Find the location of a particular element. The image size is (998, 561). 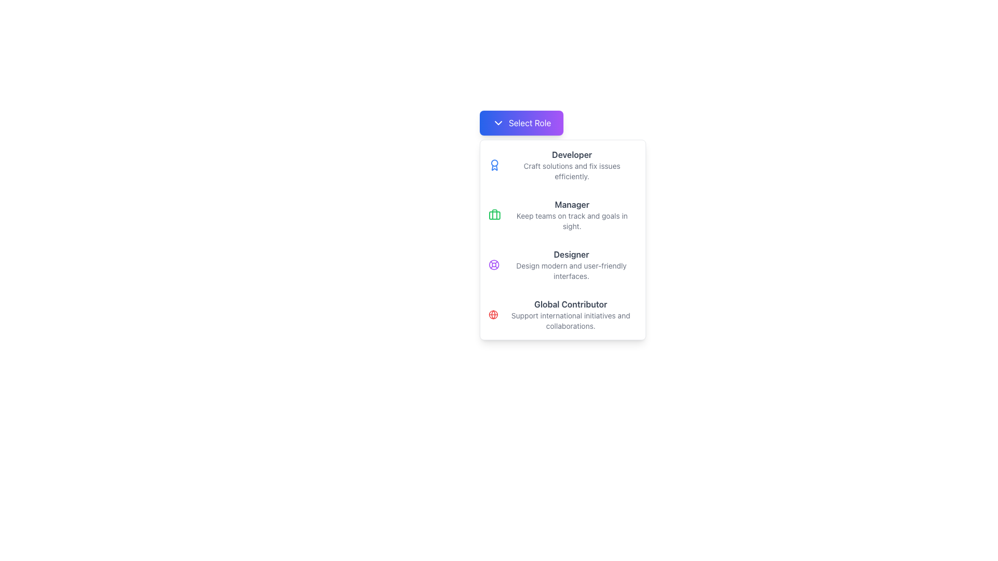

the second selectable list item labeled 'Manager' in the dropdown menu is located at coordinates (562, 214).